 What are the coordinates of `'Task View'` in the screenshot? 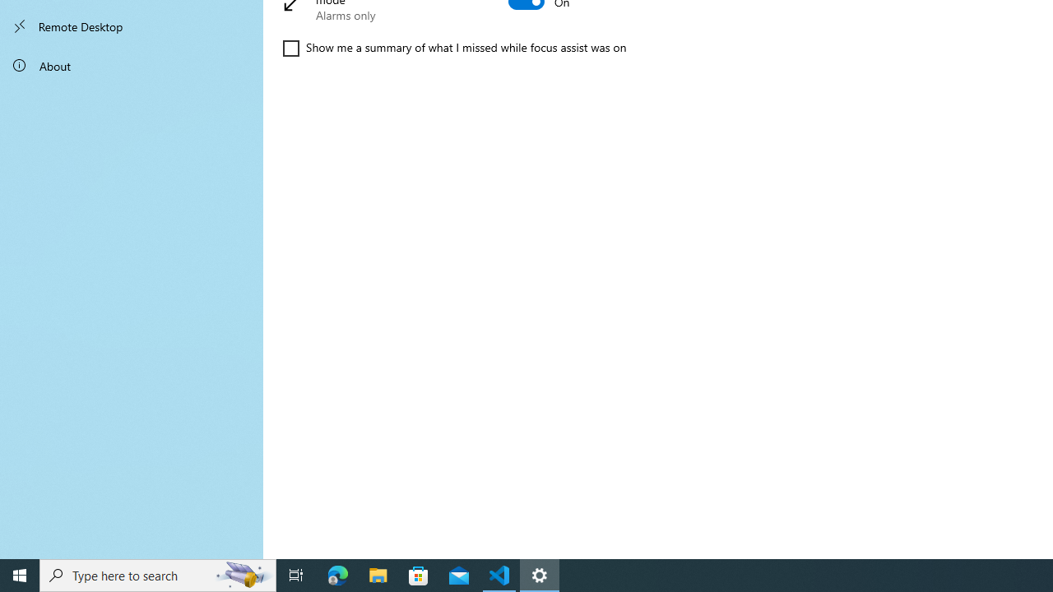 It's located at (295, 574).